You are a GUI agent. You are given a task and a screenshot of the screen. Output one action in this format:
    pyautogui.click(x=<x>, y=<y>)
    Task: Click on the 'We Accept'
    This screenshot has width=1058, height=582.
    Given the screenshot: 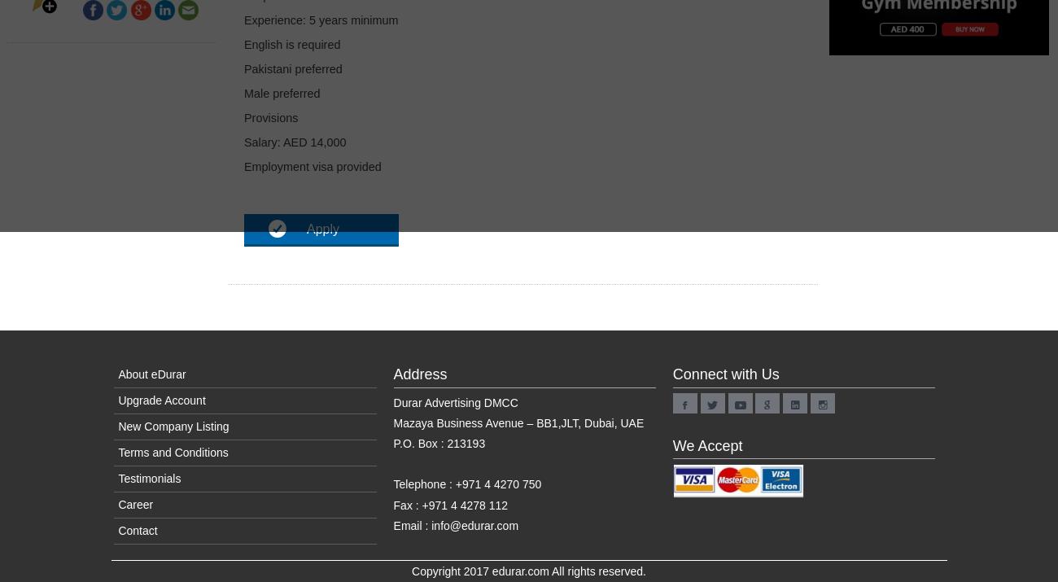 What is the action you would take?
    pyautogui.click(x=672, y=444)
    